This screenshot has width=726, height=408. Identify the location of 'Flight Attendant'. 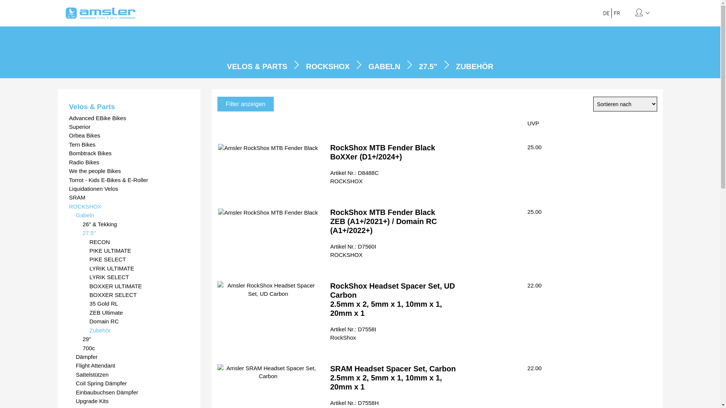
(132, 365).